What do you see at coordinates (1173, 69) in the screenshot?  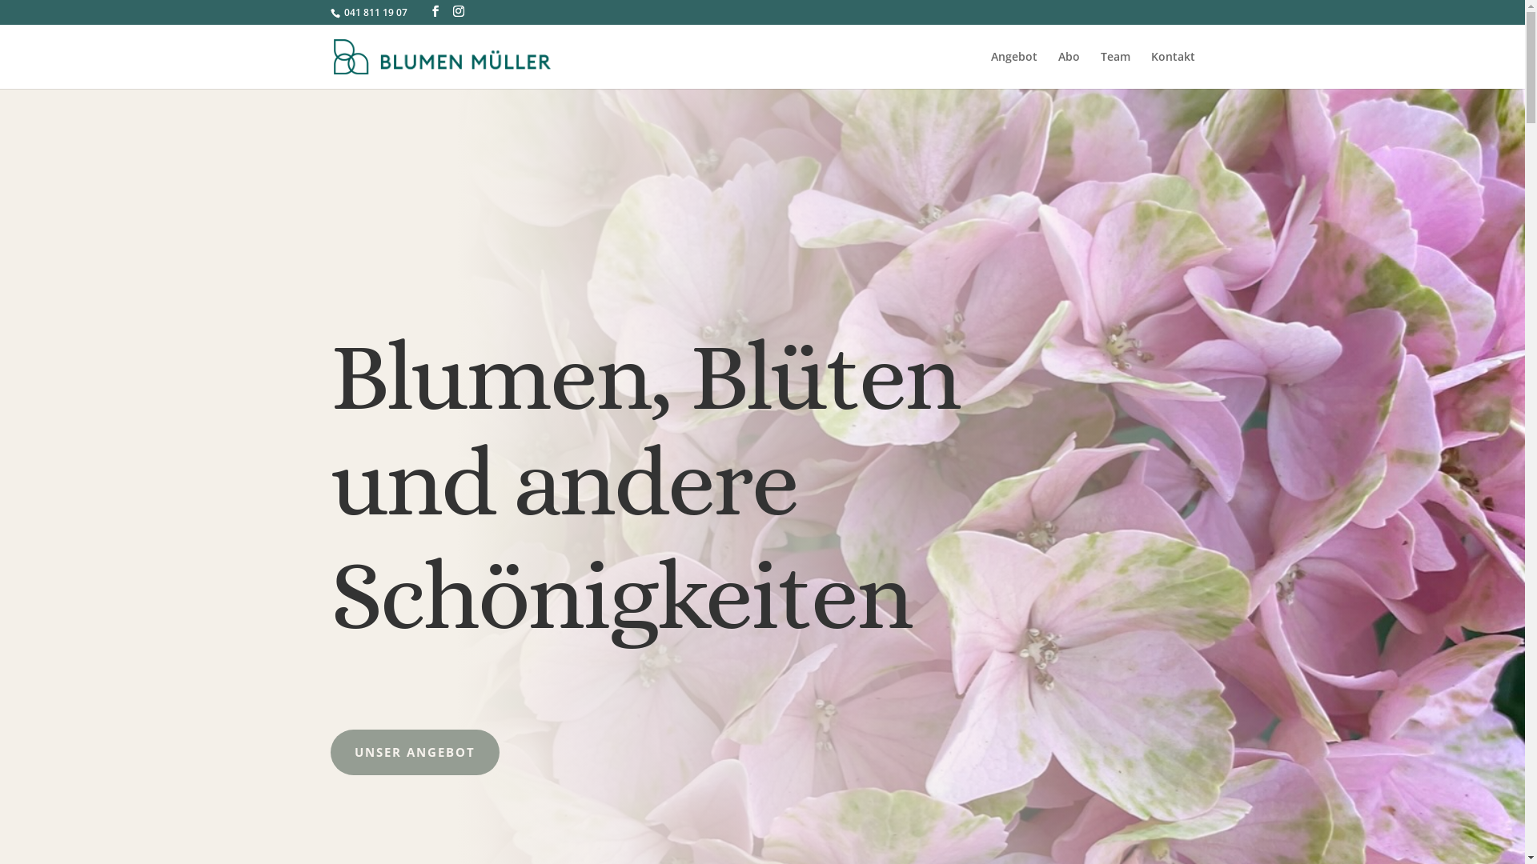 I see `'Kontakt'` at bounding box center [1173, 69].